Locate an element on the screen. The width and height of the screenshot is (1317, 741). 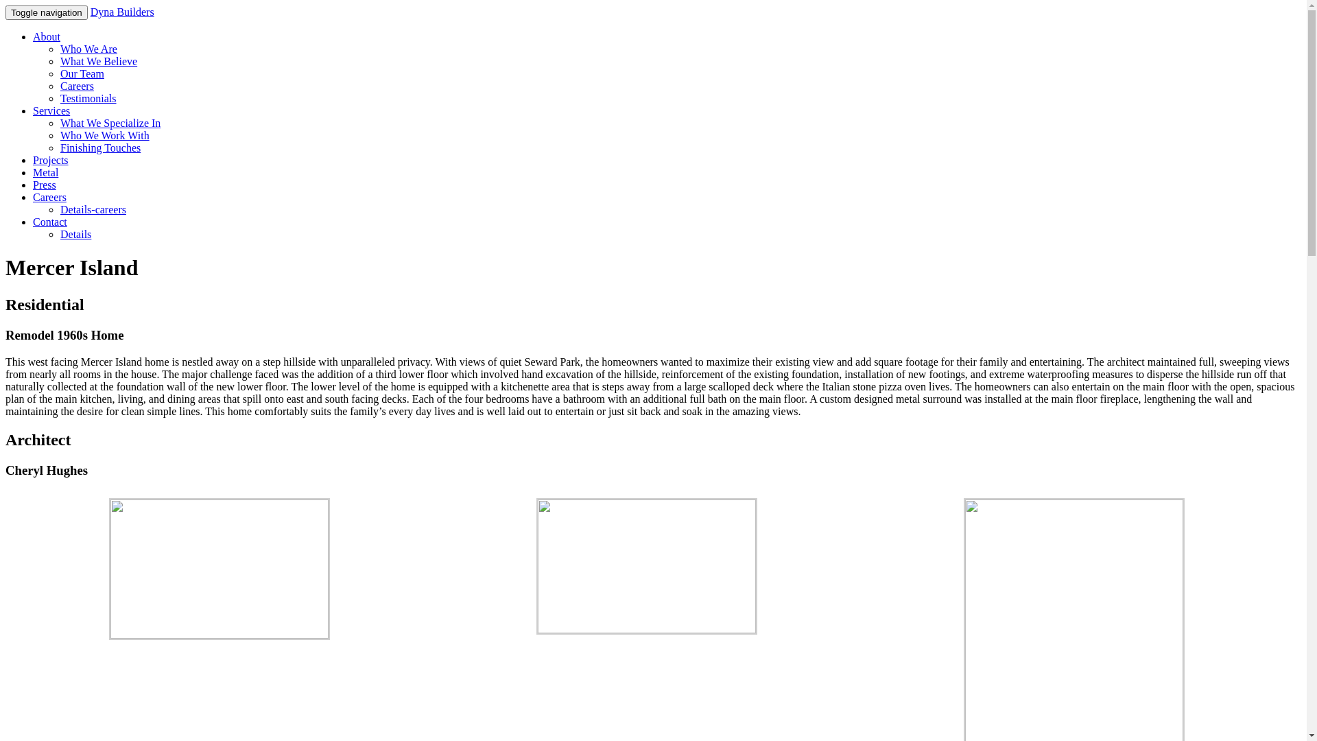
'Finishing Touches' is located at coordinates (99, 148).